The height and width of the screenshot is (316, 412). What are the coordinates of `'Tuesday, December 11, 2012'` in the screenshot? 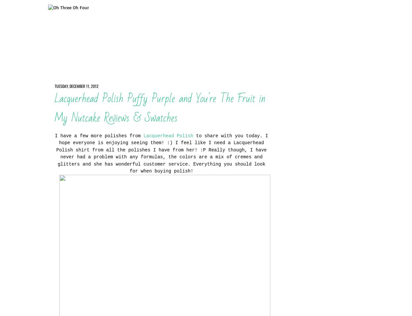 It's located at (76, 85).